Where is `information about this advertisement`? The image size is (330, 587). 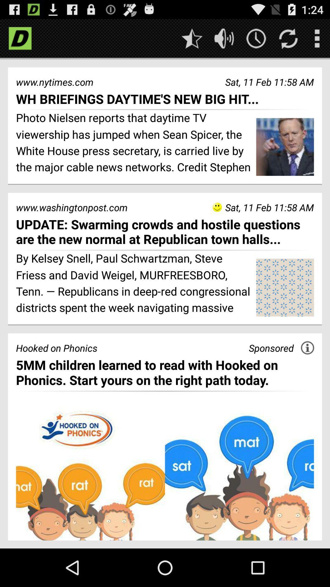 information about this advertisement is located at coordinates (307, 348).